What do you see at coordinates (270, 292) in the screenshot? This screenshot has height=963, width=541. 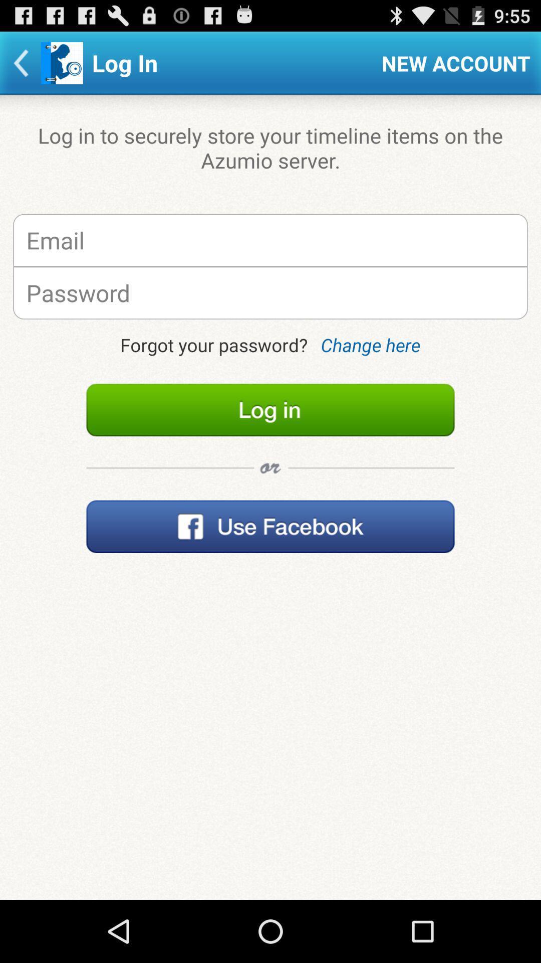 I see `your password` at bounding box center [270, 292].